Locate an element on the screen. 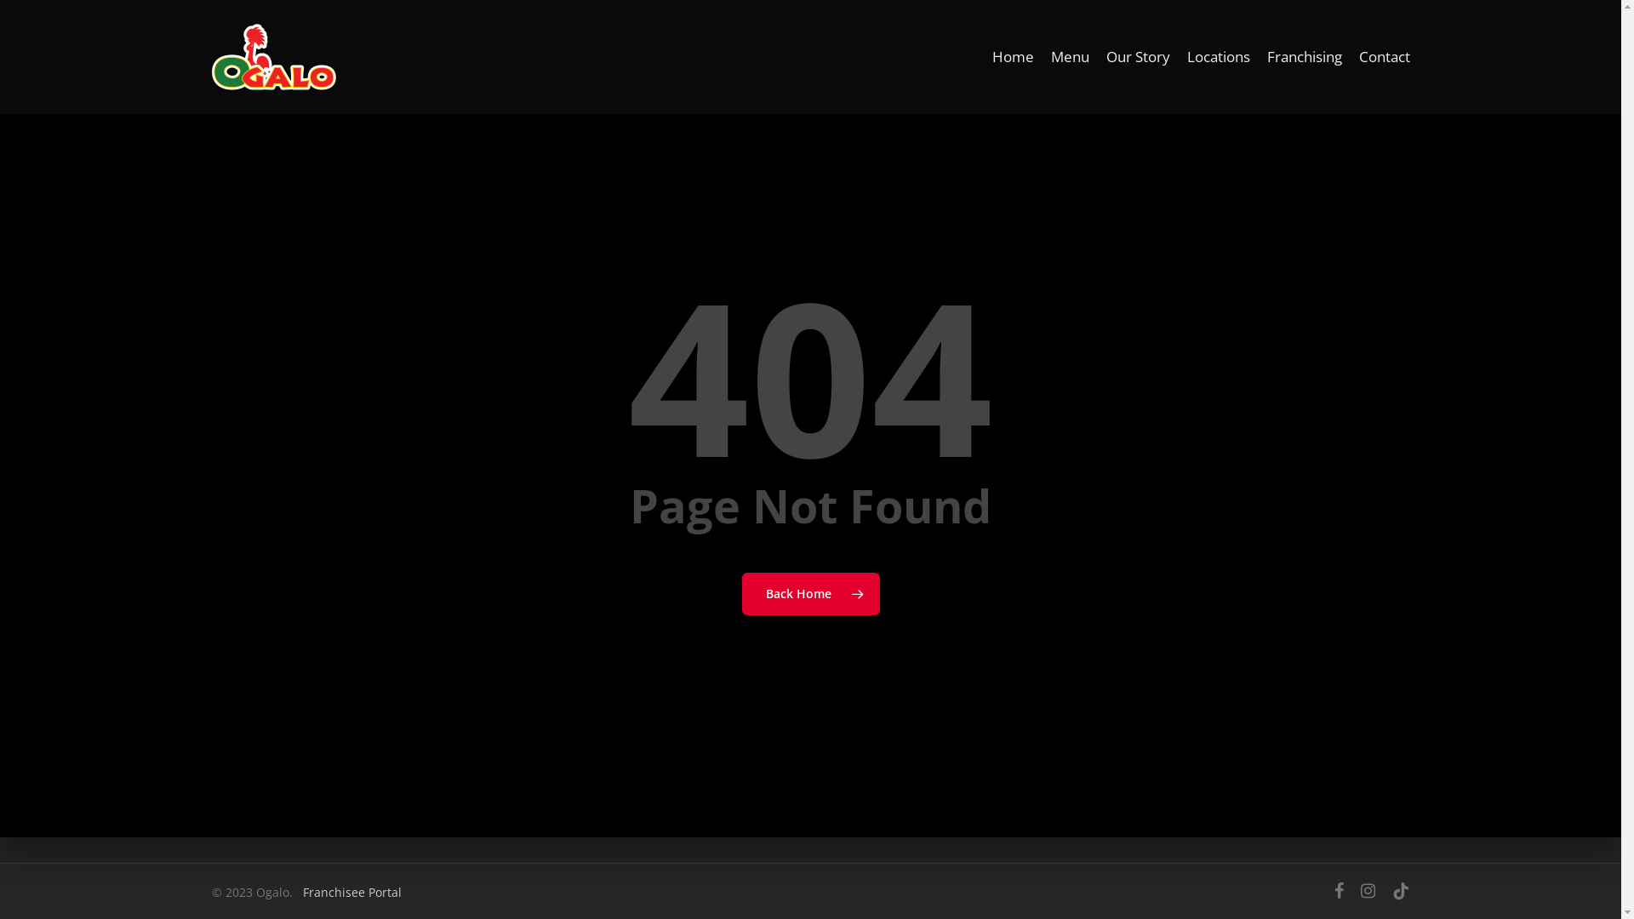  'Back Home' is located at coordinates (810, 593).